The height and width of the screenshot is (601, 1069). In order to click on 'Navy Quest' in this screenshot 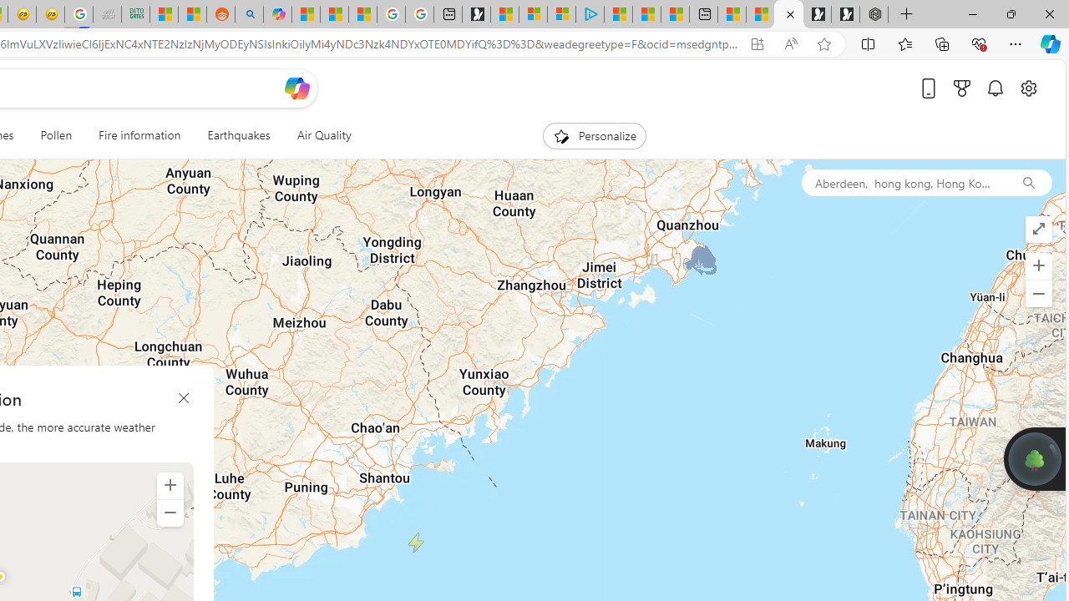, I will do `click(106, 14)`.